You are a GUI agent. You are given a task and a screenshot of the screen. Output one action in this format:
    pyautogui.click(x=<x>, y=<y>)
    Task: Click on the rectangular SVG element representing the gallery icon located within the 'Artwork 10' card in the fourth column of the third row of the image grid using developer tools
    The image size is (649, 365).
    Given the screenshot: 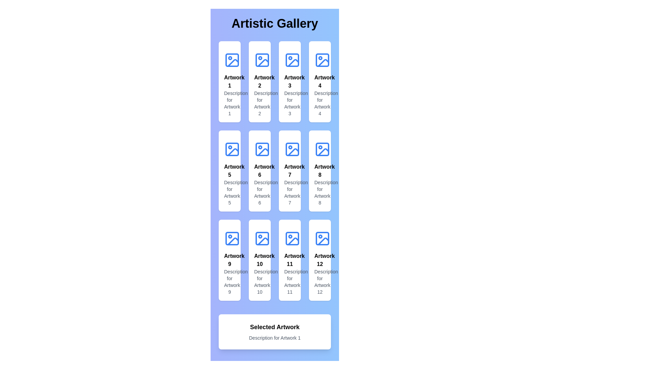 What is the action you would take?
    pyautogui.click(x=262, y=238)
    